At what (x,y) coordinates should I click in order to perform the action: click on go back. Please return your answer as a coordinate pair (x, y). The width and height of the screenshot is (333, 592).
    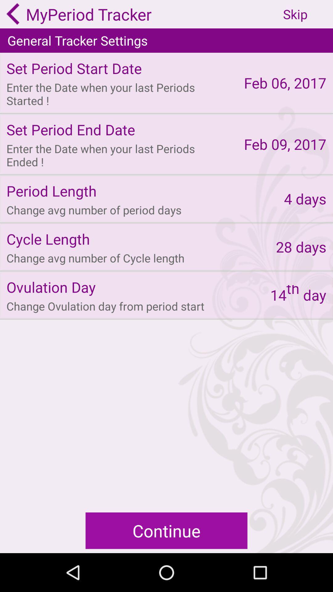
    Looking at the image, I should click on (13, 14).